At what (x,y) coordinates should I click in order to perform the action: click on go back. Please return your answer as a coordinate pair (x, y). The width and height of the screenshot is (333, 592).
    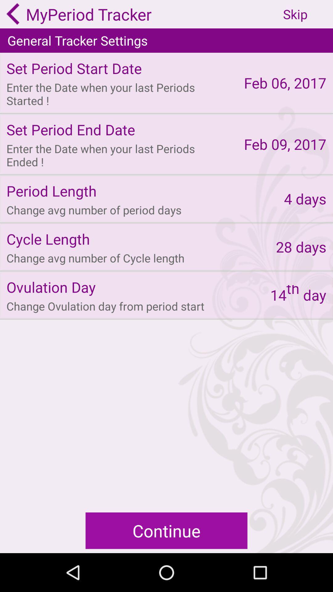
    Looking at the image, I should click on (13, 14).